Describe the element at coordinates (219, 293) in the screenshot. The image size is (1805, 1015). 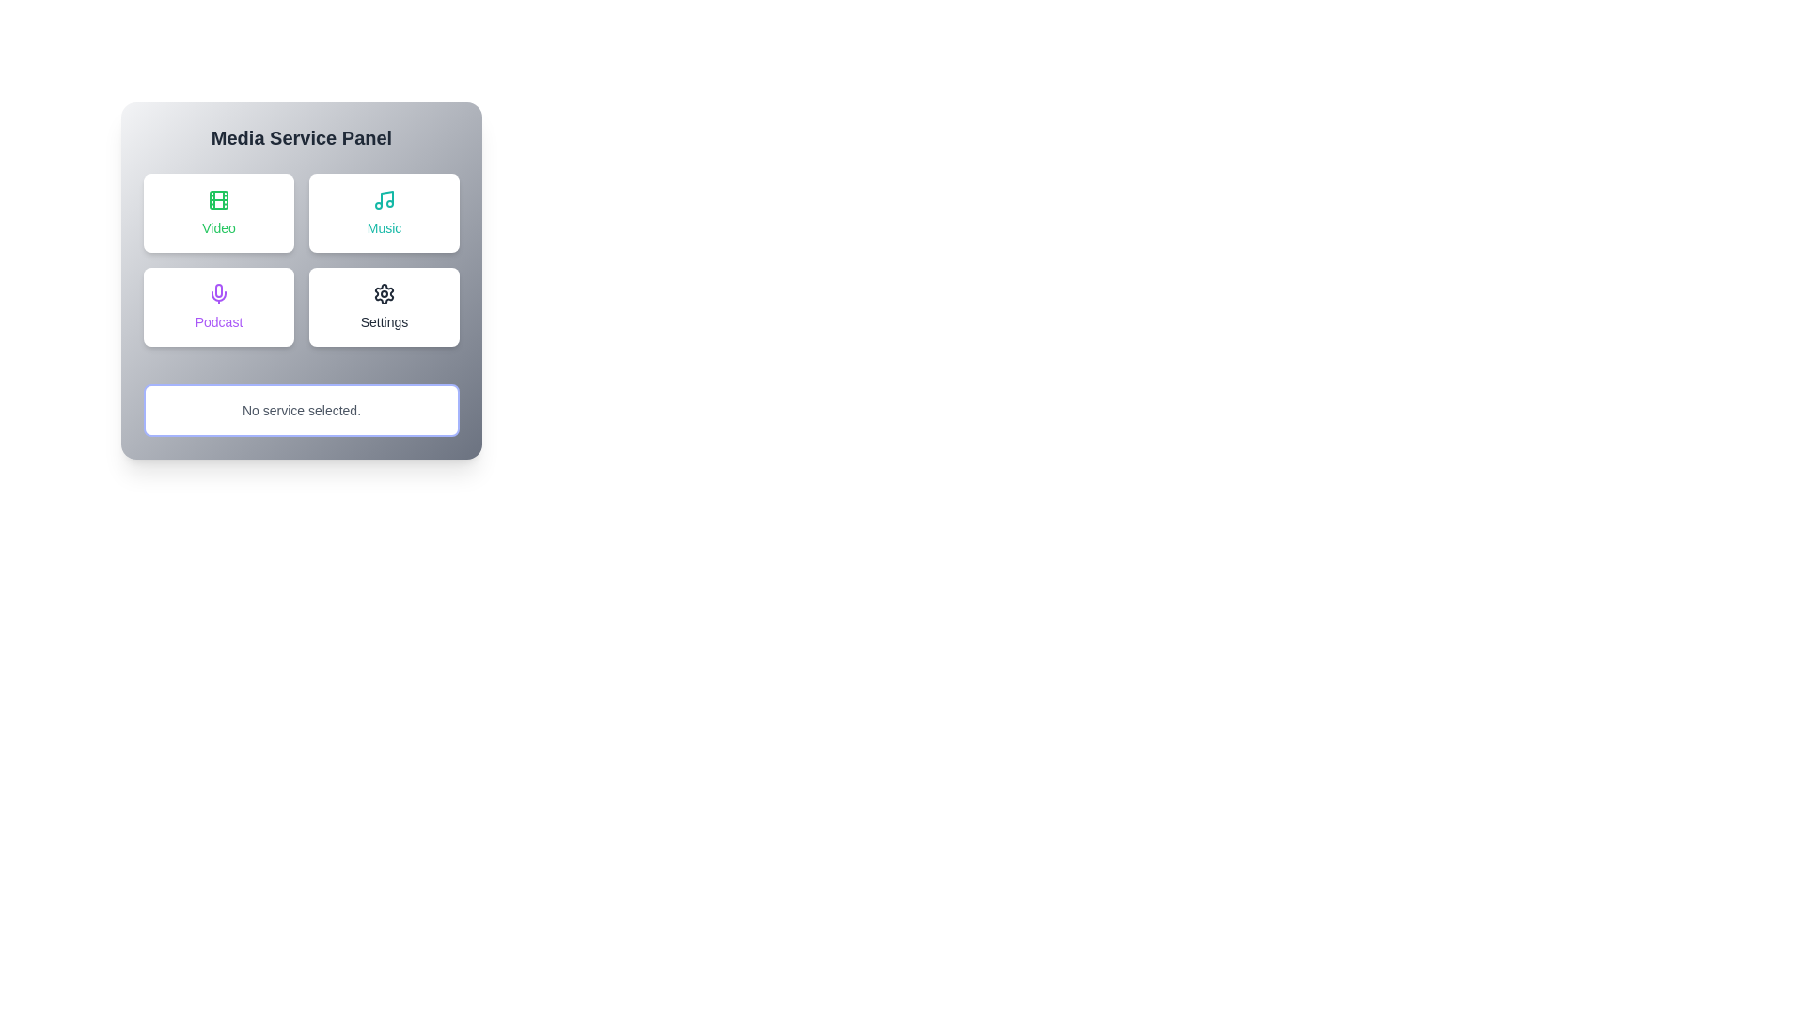
I see `the 'Podcast' icon in the media service panel` at that location.